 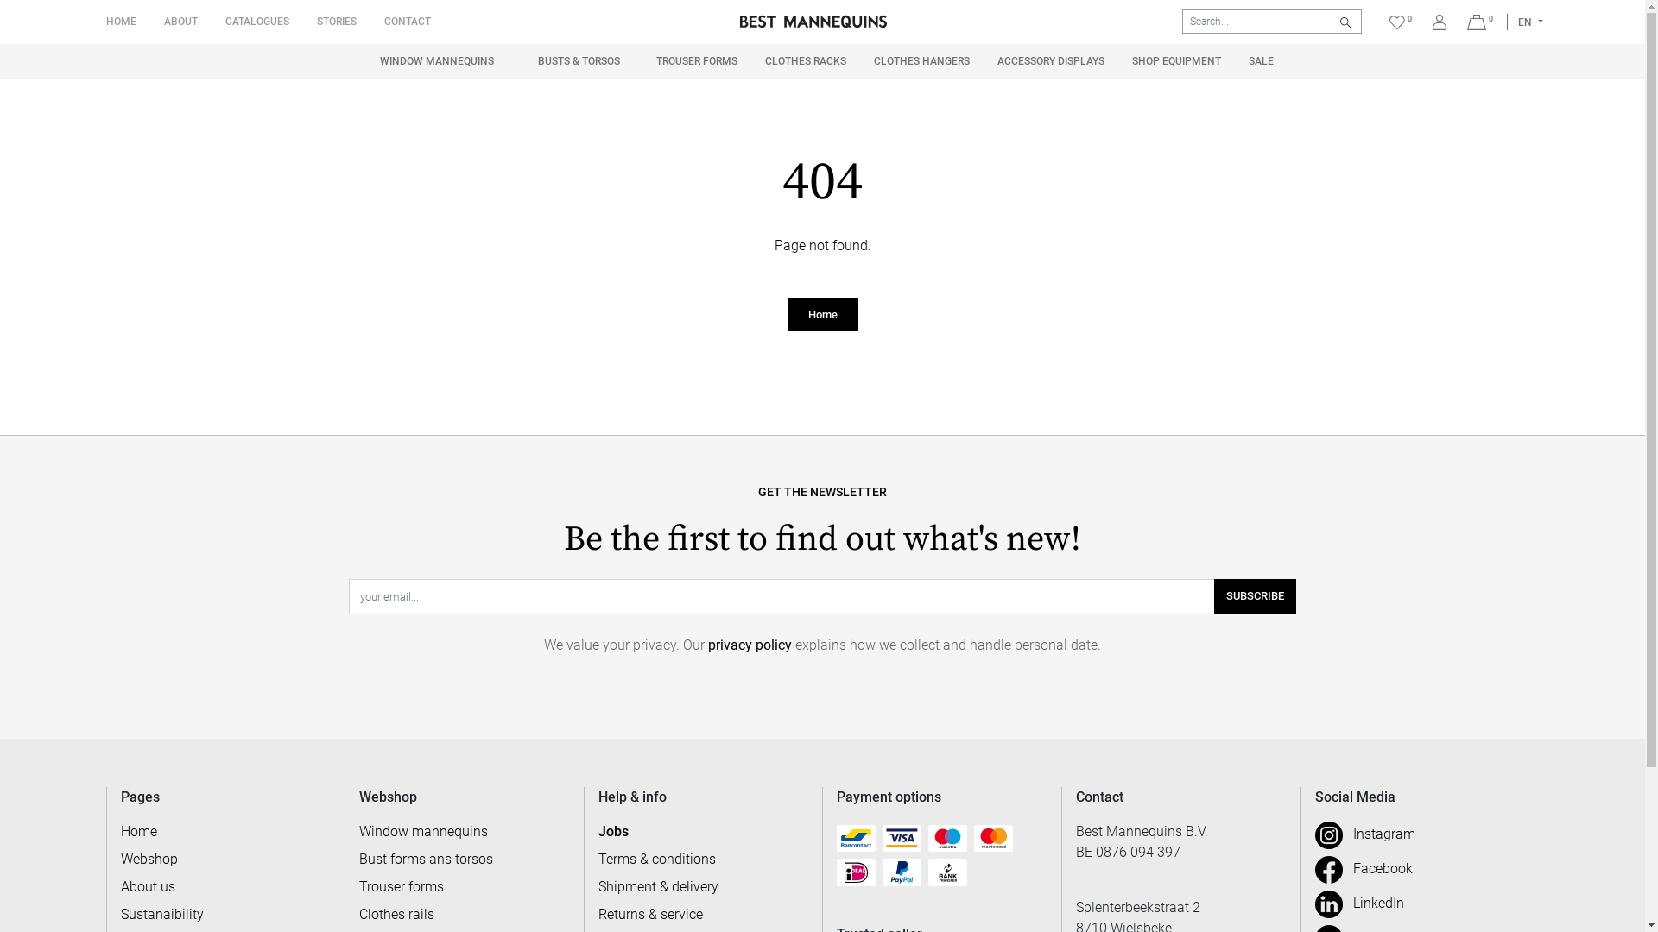 What do you see at coordinates (1255, 595) in the screenshot?
I see `'SUBSCRIBE'` at bounding box center [1255, 595].